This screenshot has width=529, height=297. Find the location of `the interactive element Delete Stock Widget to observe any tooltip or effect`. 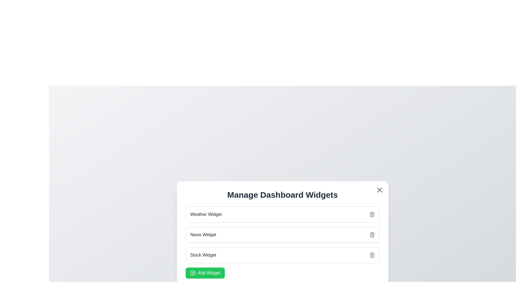

the interactive element Delete Stock Widget to observe any tooltip or effect is located at coordinates (372, 255).